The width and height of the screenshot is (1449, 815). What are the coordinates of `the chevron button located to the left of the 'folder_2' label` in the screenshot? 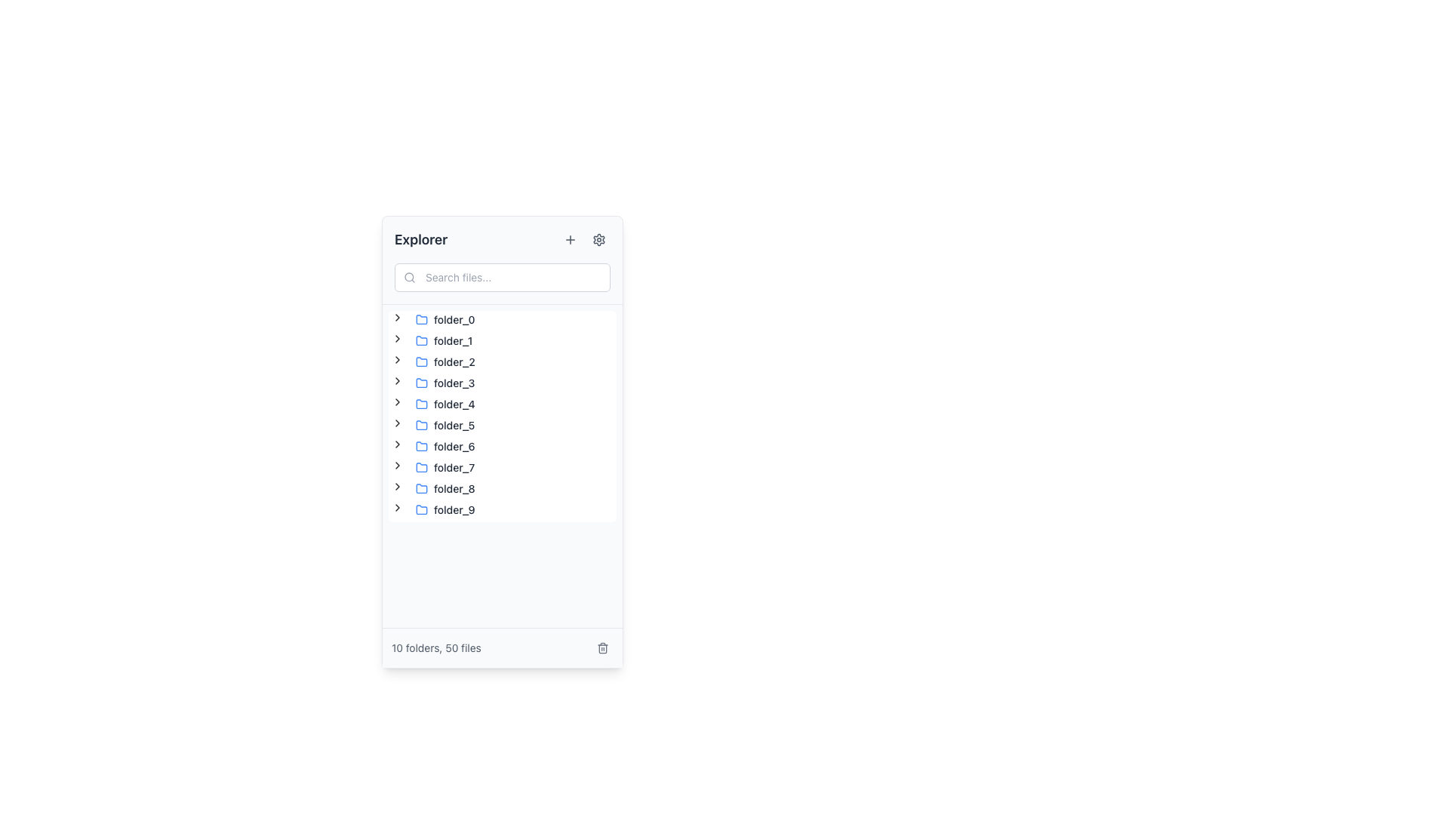 It's located at (398, 361).